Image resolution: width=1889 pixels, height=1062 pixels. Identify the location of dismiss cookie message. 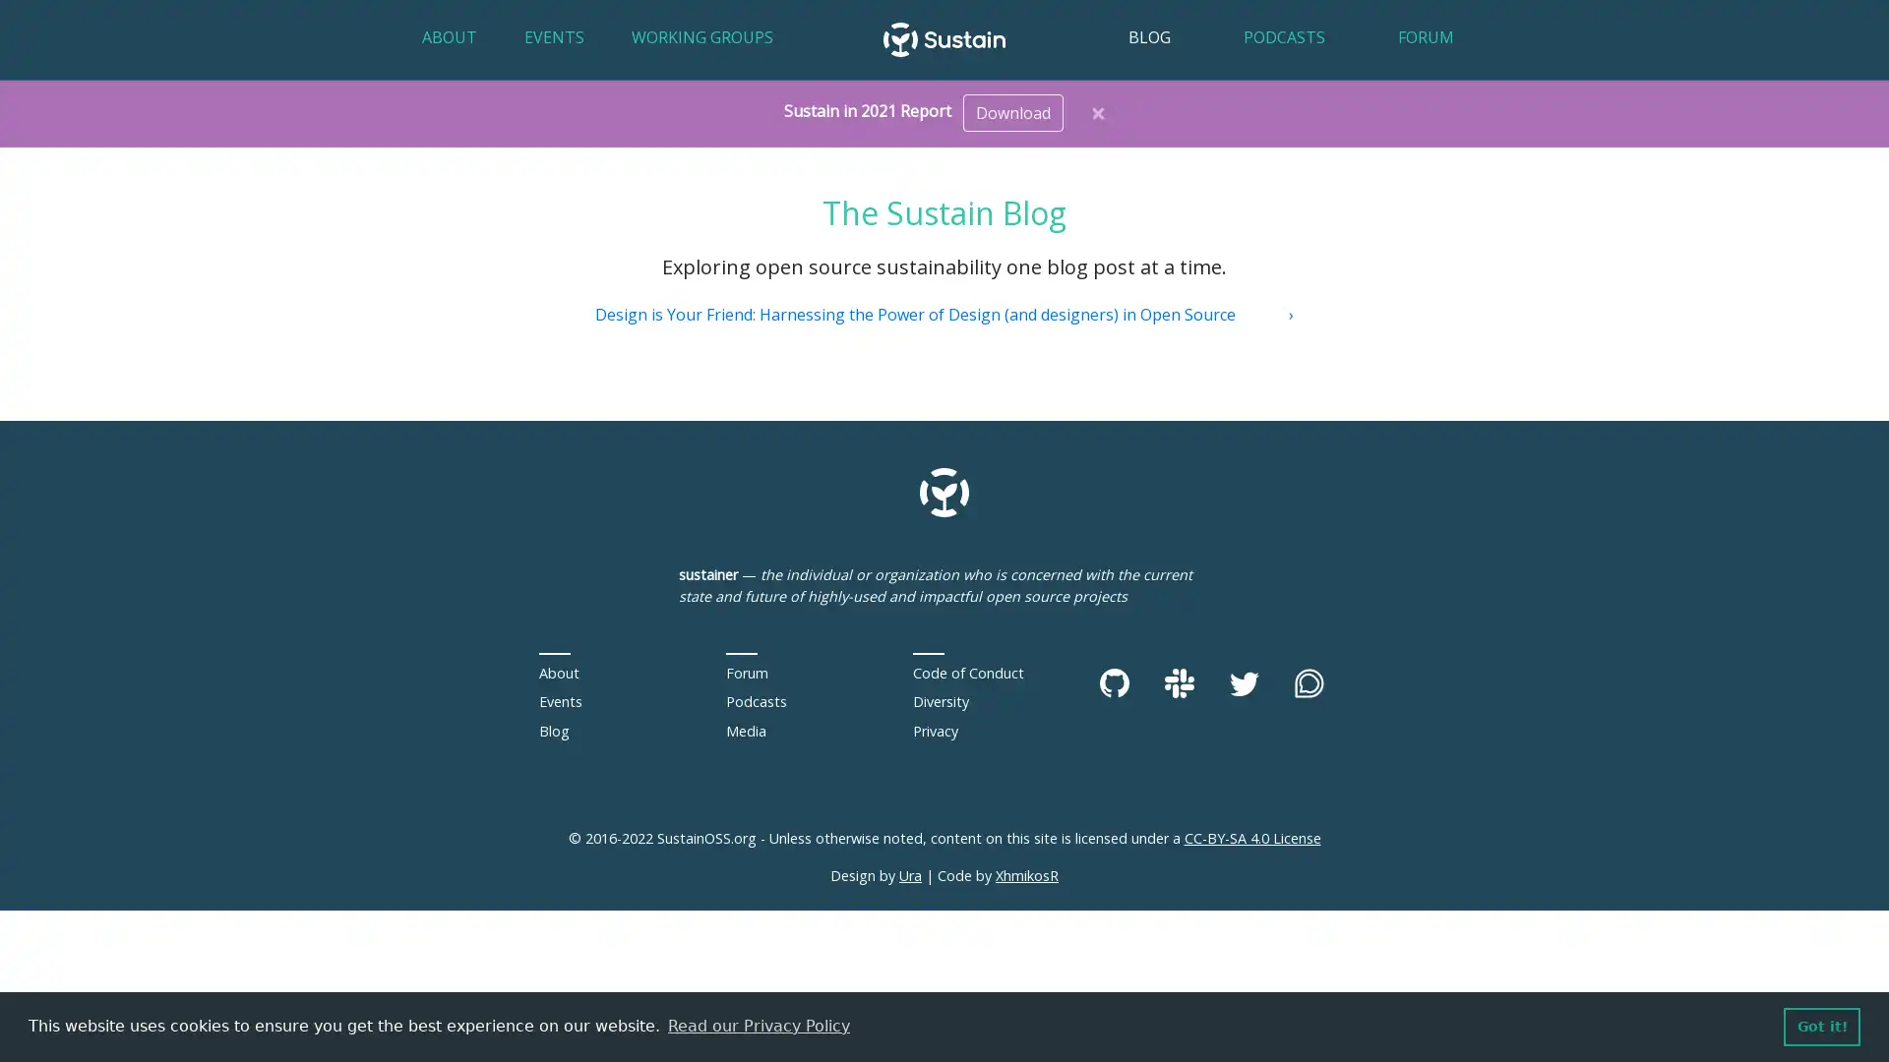
(1821, 1026).